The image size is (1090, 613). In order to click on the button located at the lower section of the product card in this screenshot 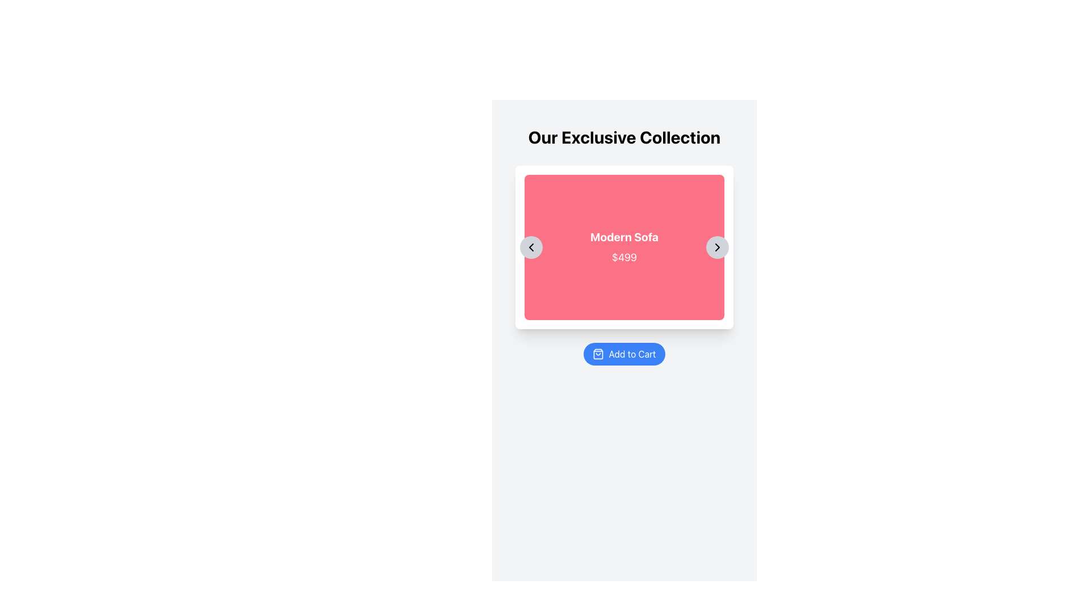, I will do `click(623, 354)`.